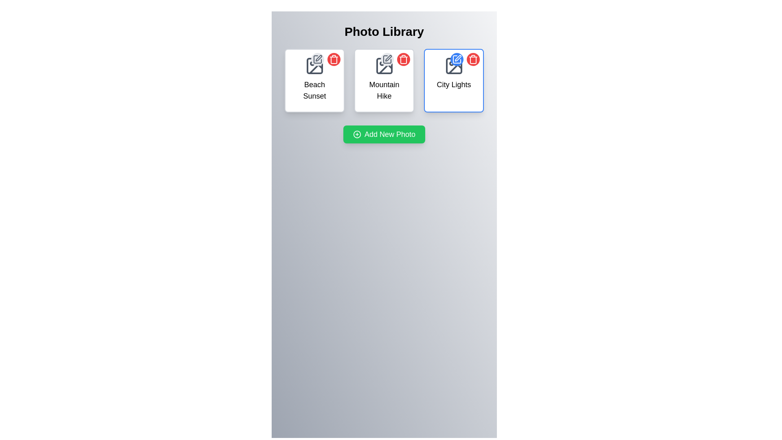 The image size is (782, 440). I want to click on the decorative icon at the top of the 'Beach Sunset' card, which indicates it represents an image or photo, so click(314, 66).